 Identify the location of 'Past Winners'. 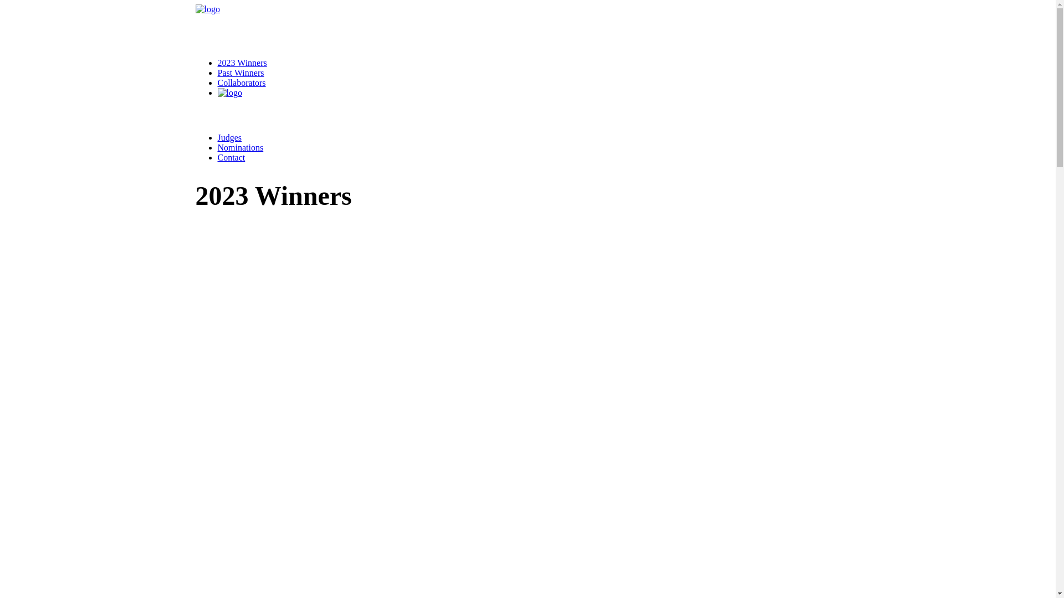
(239, 73).